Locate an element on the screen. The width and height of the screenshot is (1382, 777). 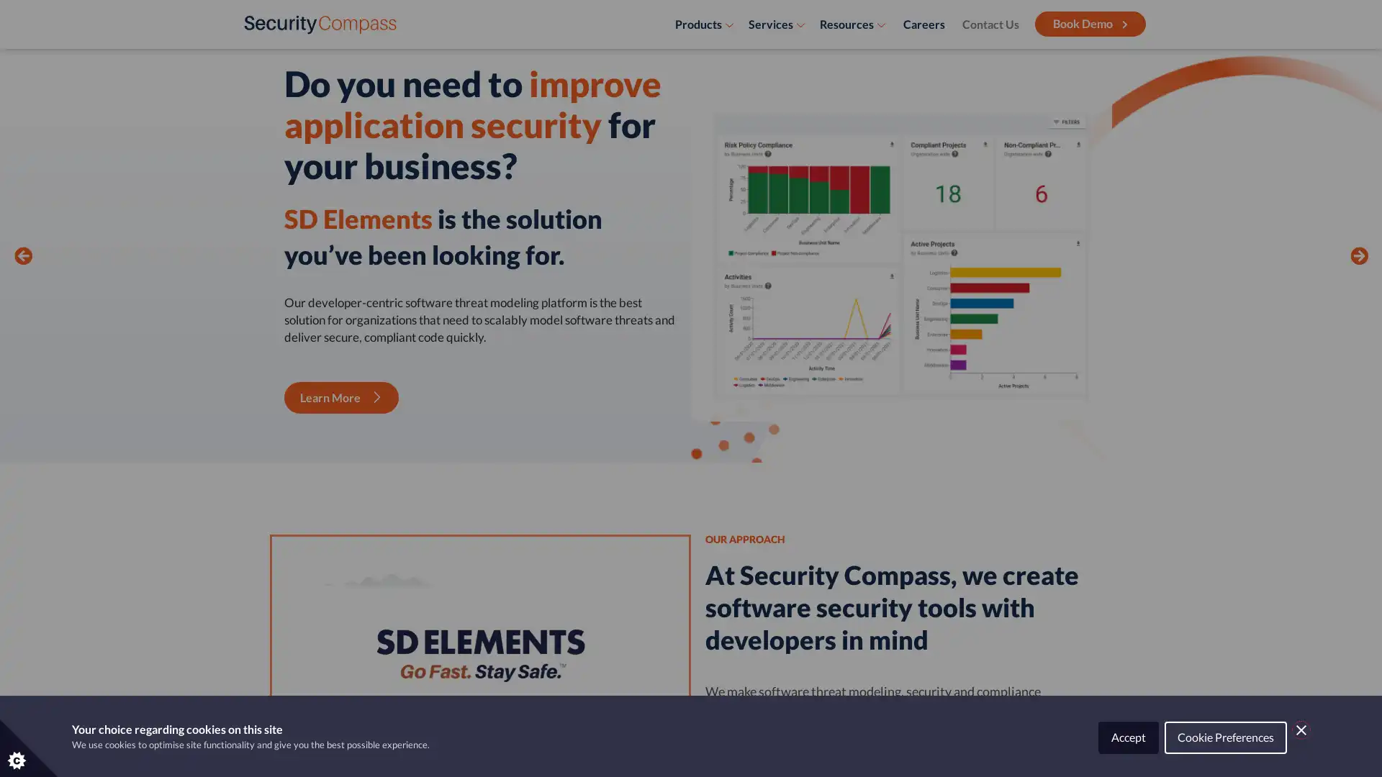
Learn More is located at coordinates (340, 397).